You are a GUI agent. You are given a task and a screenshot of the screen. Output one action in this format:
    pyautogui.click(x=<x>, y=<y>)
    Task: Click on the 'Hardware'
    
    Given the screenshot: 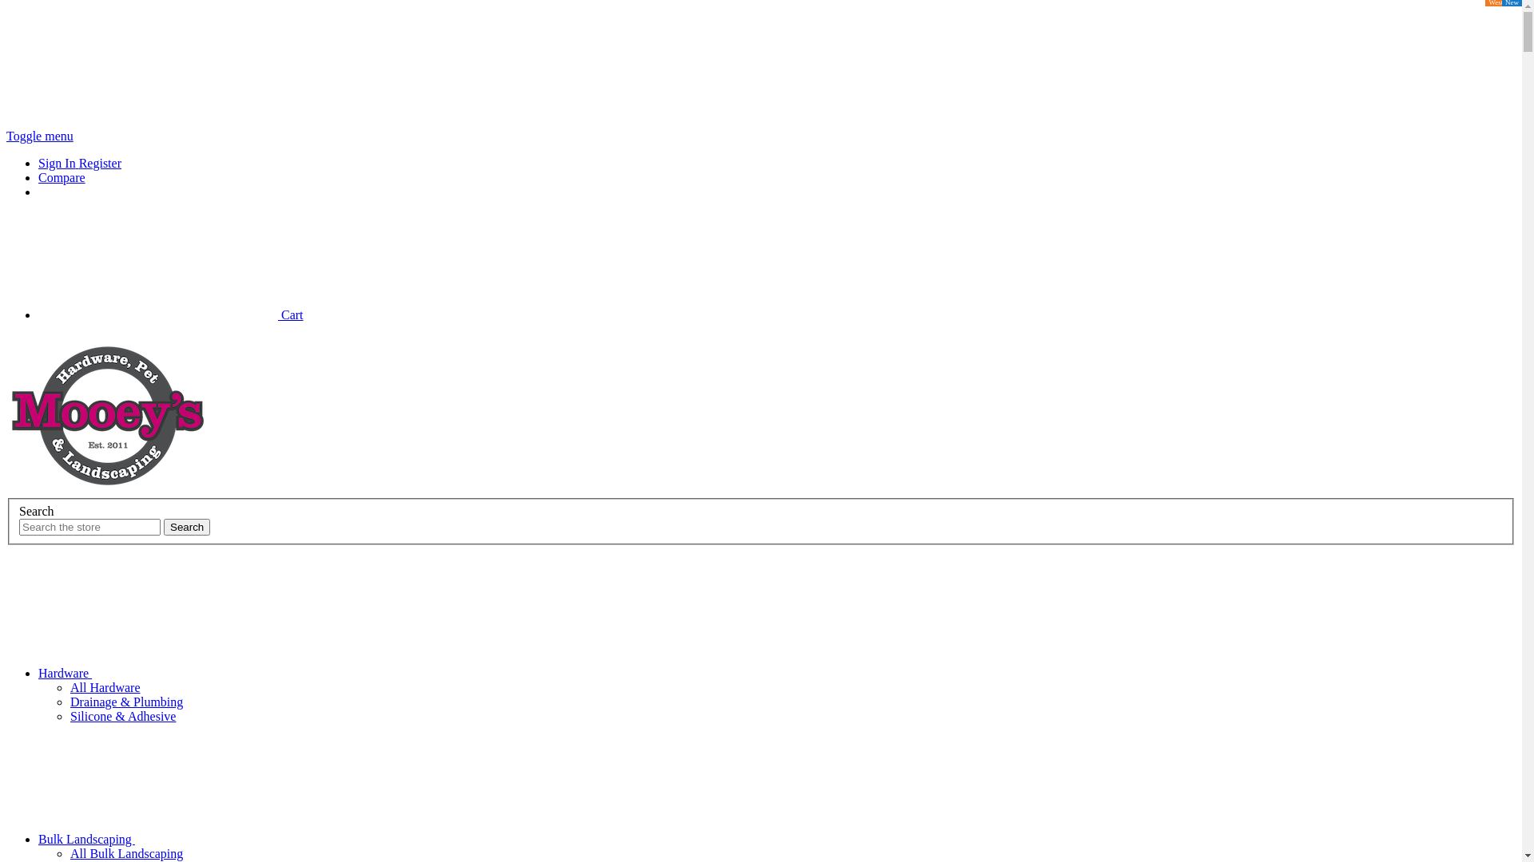 What is the action you would take?
    pyautogui.click(x=38, y=673)
    